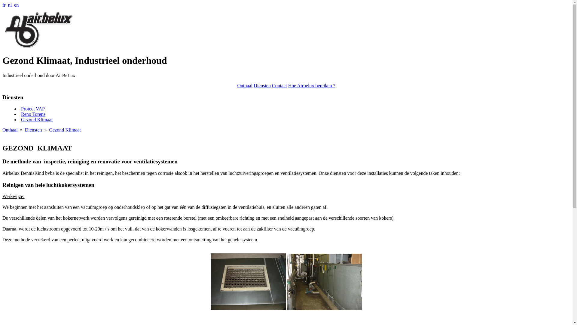 The width and height of the screenshot is (577, 325). I want to click on 'Onthaal', so click(245, 85).